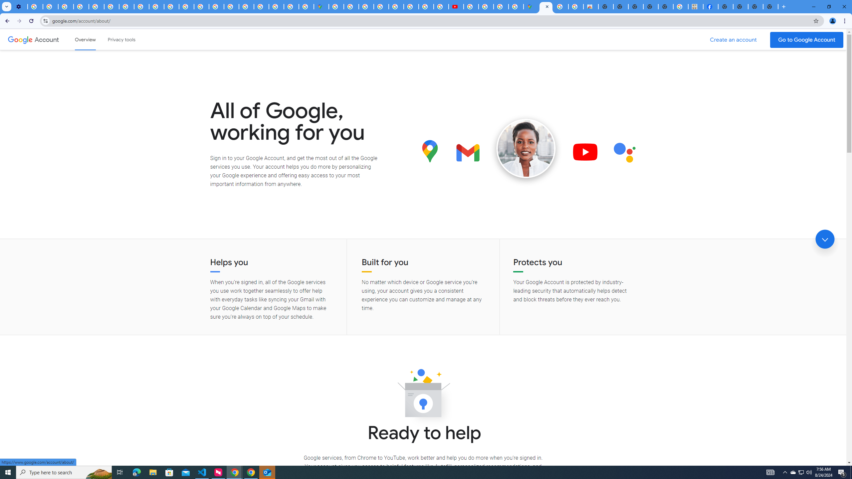  What do you see at coordinates (6, 21) in the screenshot?
I see `'Back'` at bounding box center [6, 21].